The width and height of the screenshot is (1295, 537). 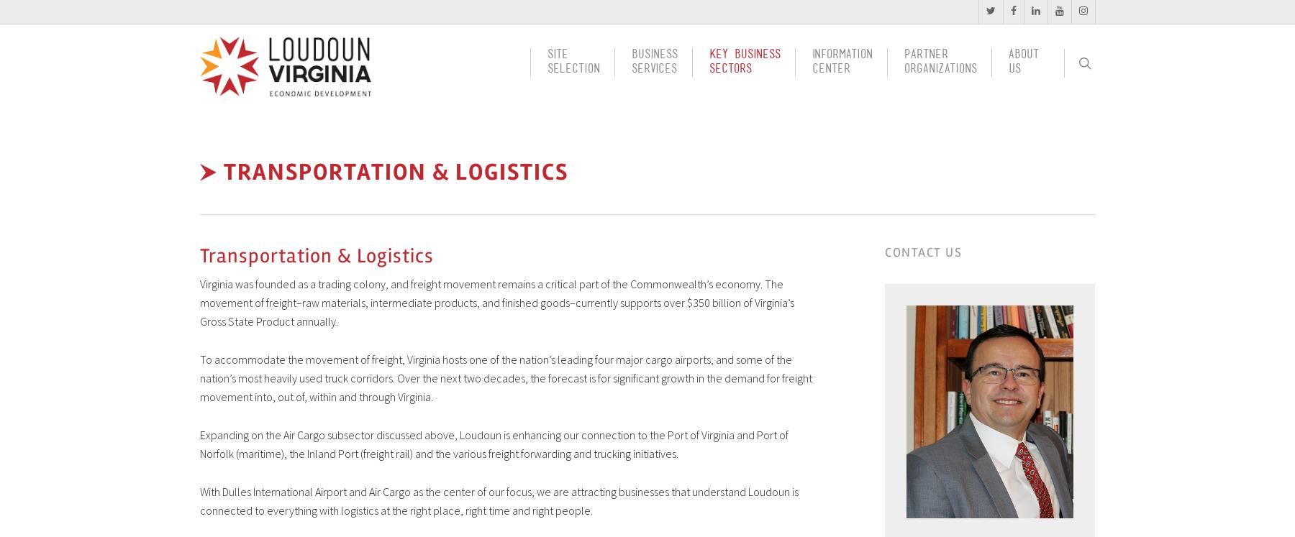 I want to click on 'Sectors', so click(x=707, y=72).